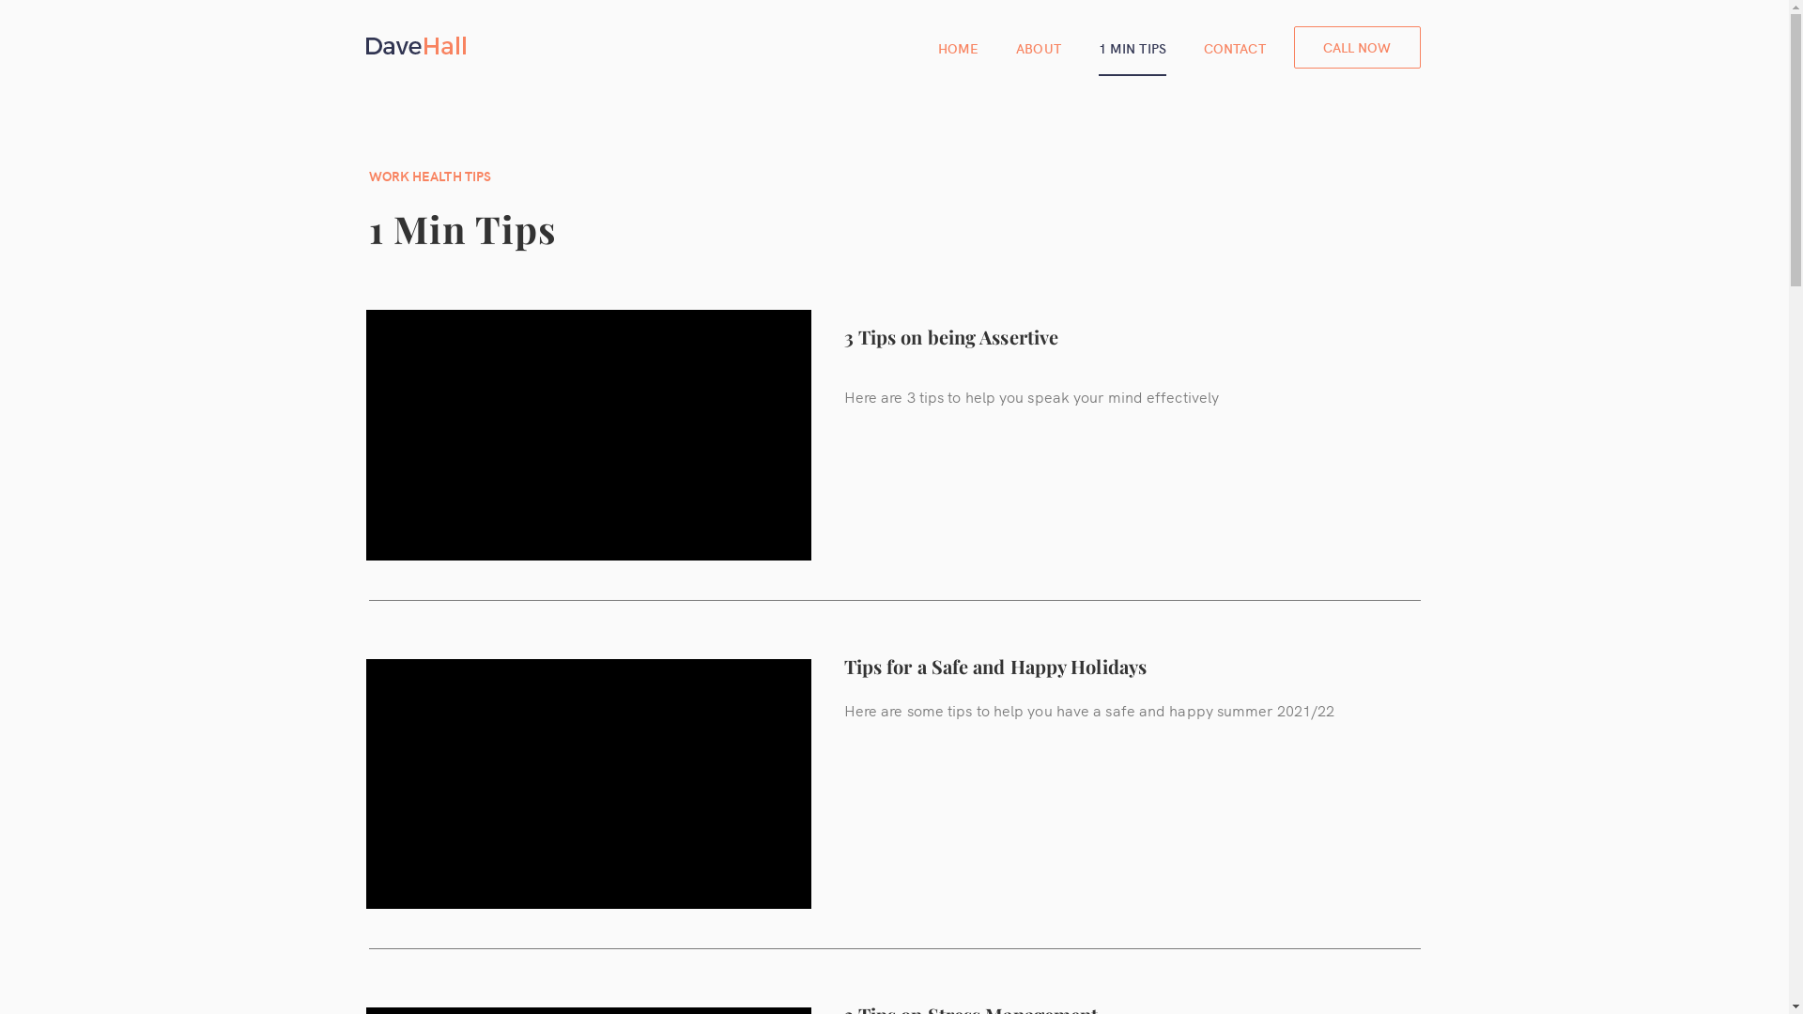 The image size is (1803, 1014). What do you see at coordinates (1235, 46) in the screenshot?
I see `'CONTACT'` at bounding box center [1235, 46].